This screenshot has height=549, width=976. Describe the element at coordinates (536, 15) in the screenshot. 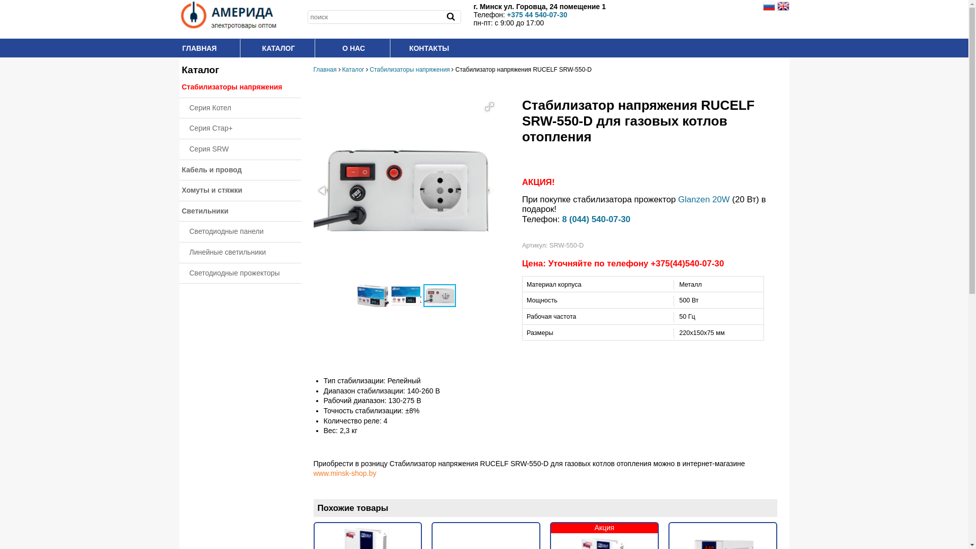

I see `'+375 44 540-07-30'` at that location.